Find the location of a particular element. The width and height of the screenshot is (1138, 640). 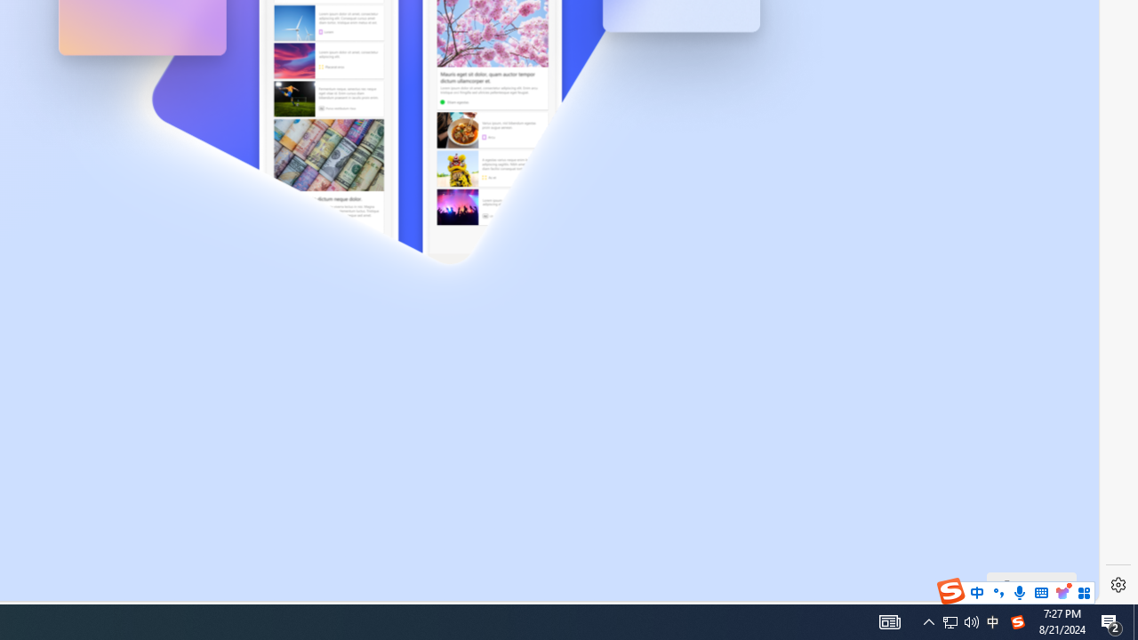

'Feedback' is located at coordinates (1031, 586).